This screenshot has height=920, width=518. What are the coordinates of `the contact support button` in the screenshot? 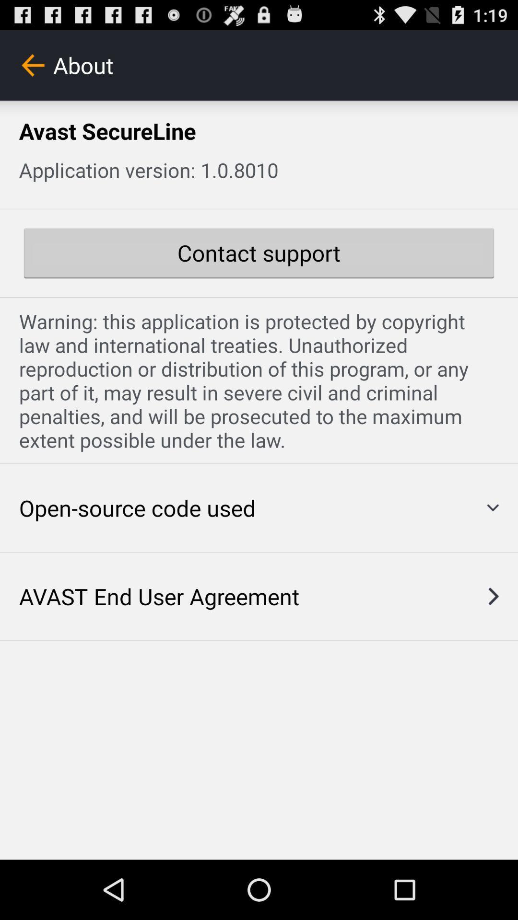 It's located at (259, 253).